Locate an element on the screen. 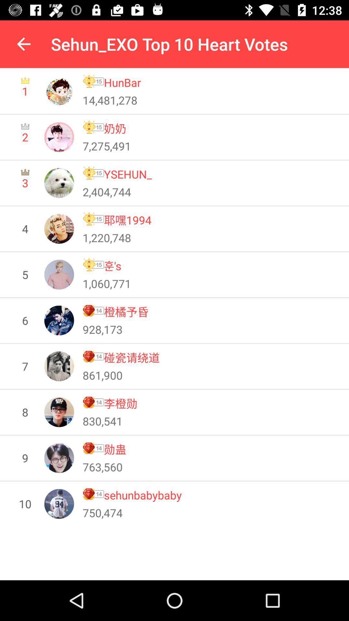  3 item is located at coordinates (25, 182).